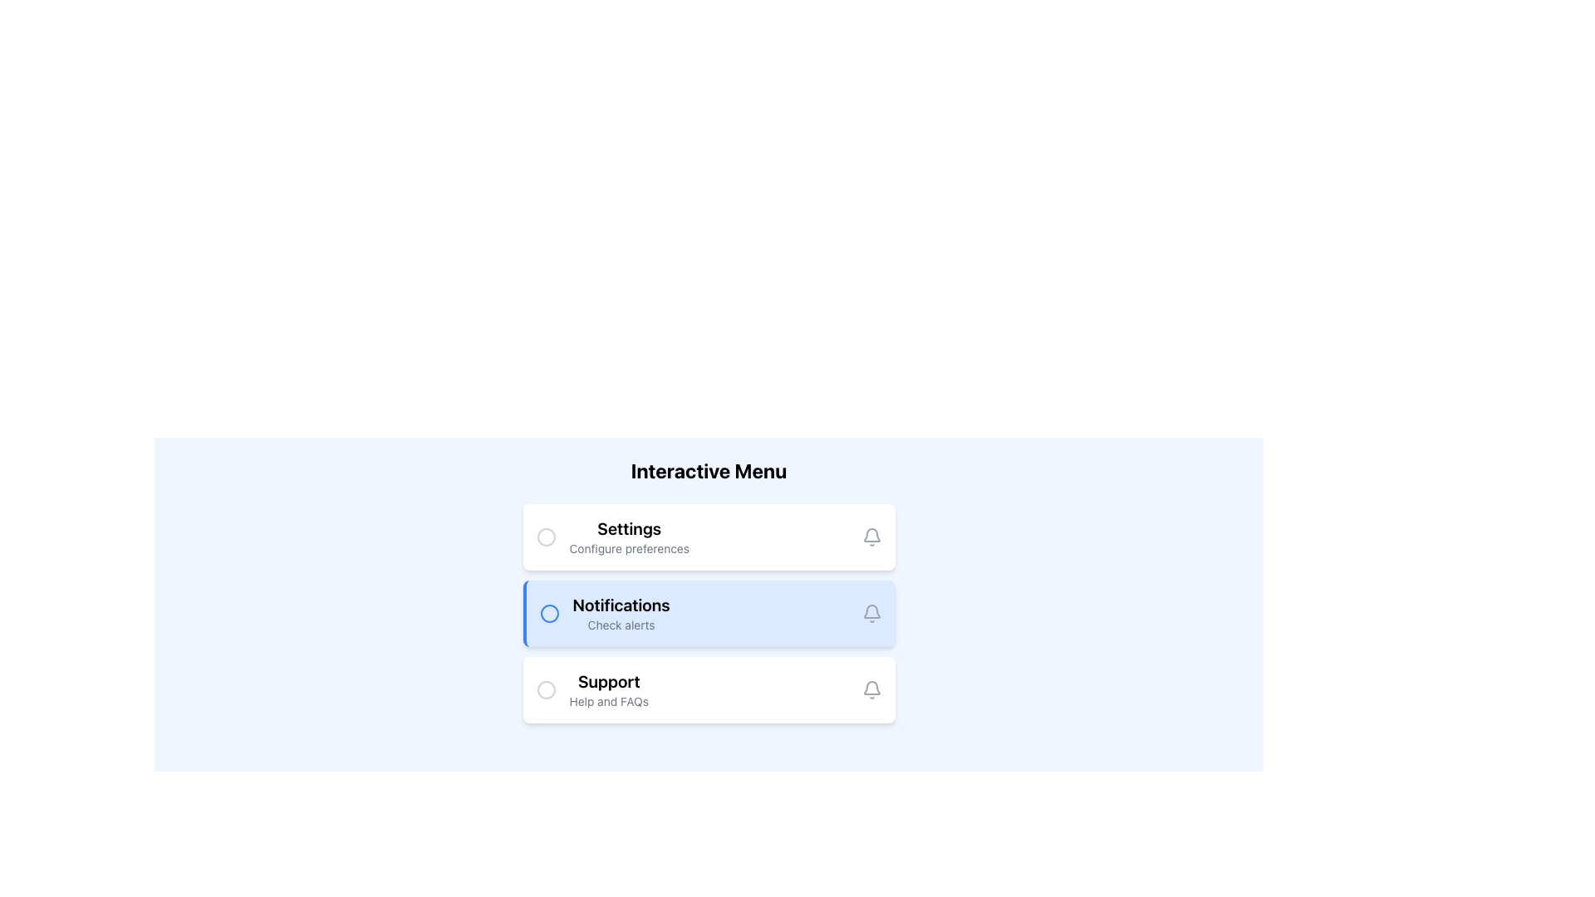 This screenshot has height=897, width=1595. I want to click on the delicate bell-shaped icon with a subtle gray outline located at the right end of the 'Settings - Configure preferences' row, so click(871, 537).